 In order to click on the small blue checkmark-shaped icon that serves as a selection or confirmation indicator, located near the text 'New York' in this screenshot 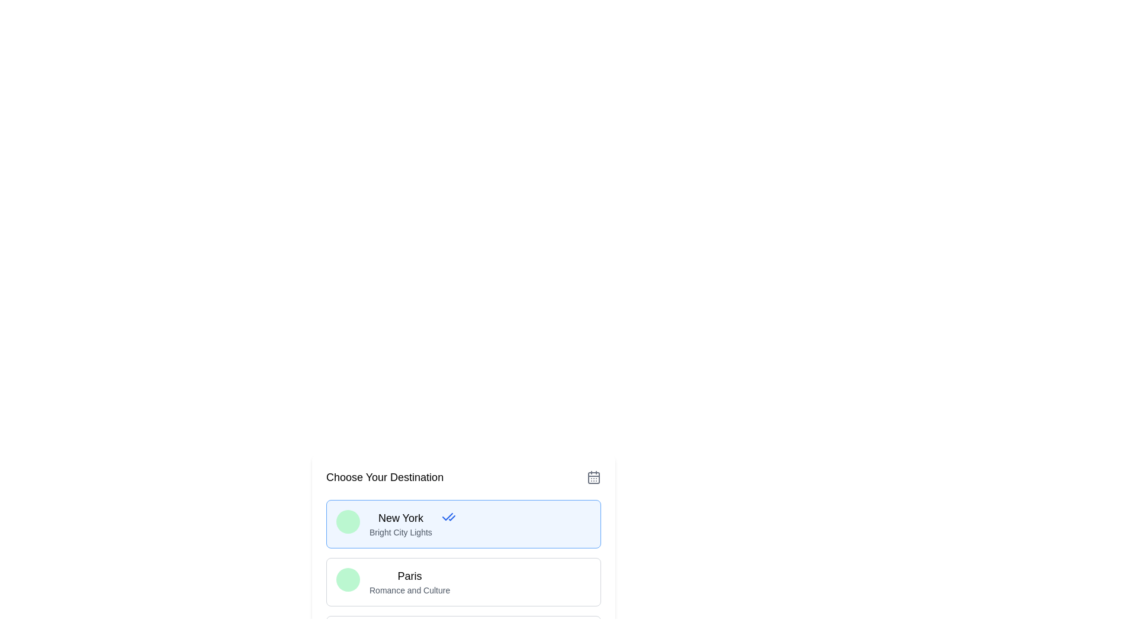, I will do `click(447, 516)`.